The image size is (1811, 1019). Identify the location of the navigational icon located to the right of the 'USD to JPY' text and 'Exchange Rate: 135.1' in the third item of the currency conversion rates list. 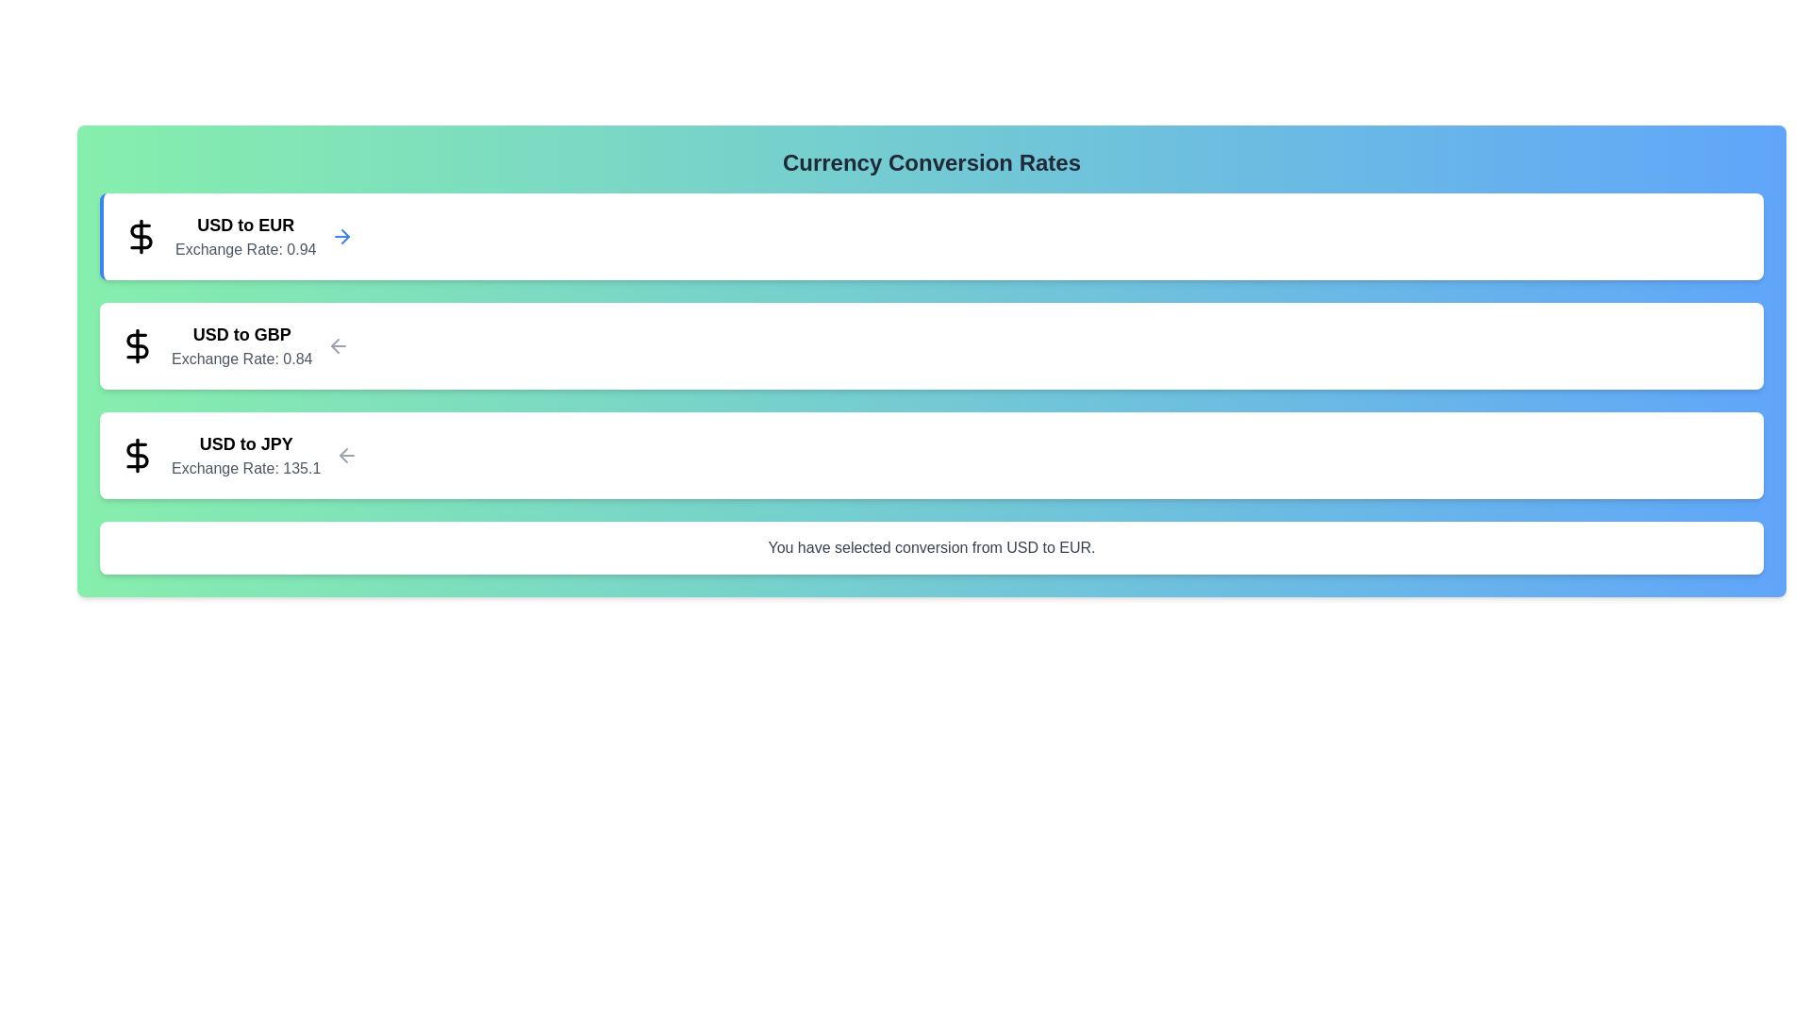
(347, 455).